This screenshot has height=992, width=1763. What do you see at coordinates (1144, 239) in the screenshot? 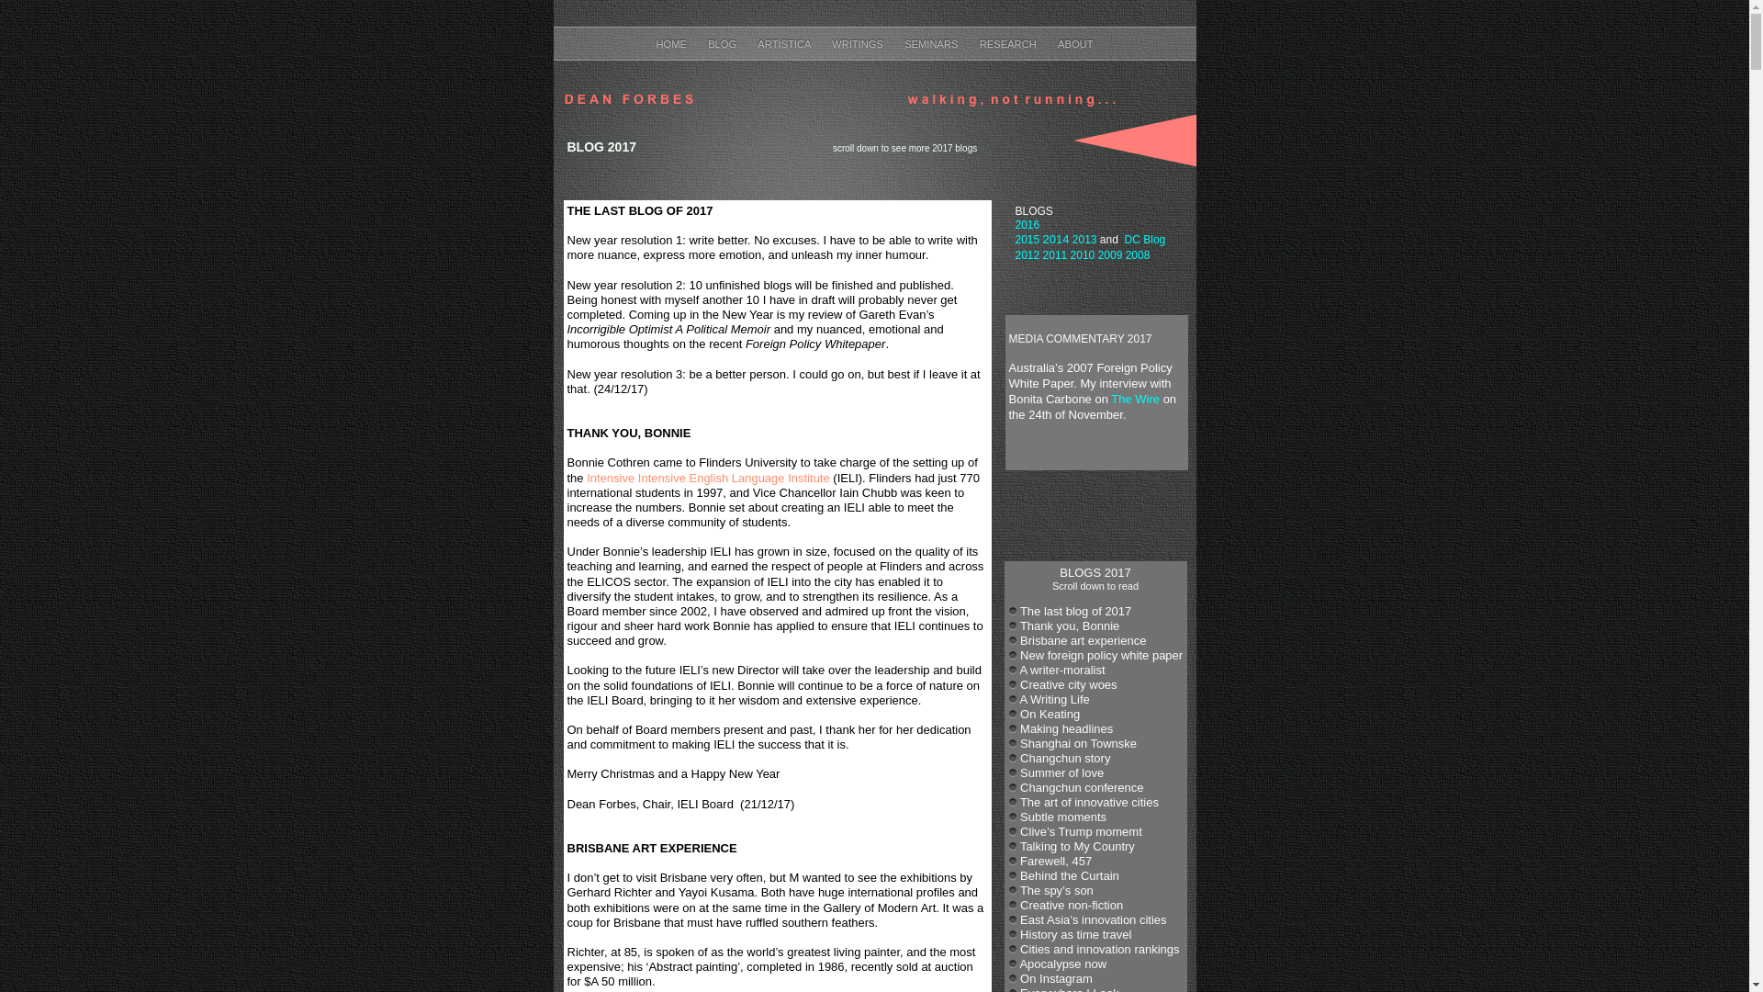
I see `'DC Blog'` at bounding box center [1144, 239].